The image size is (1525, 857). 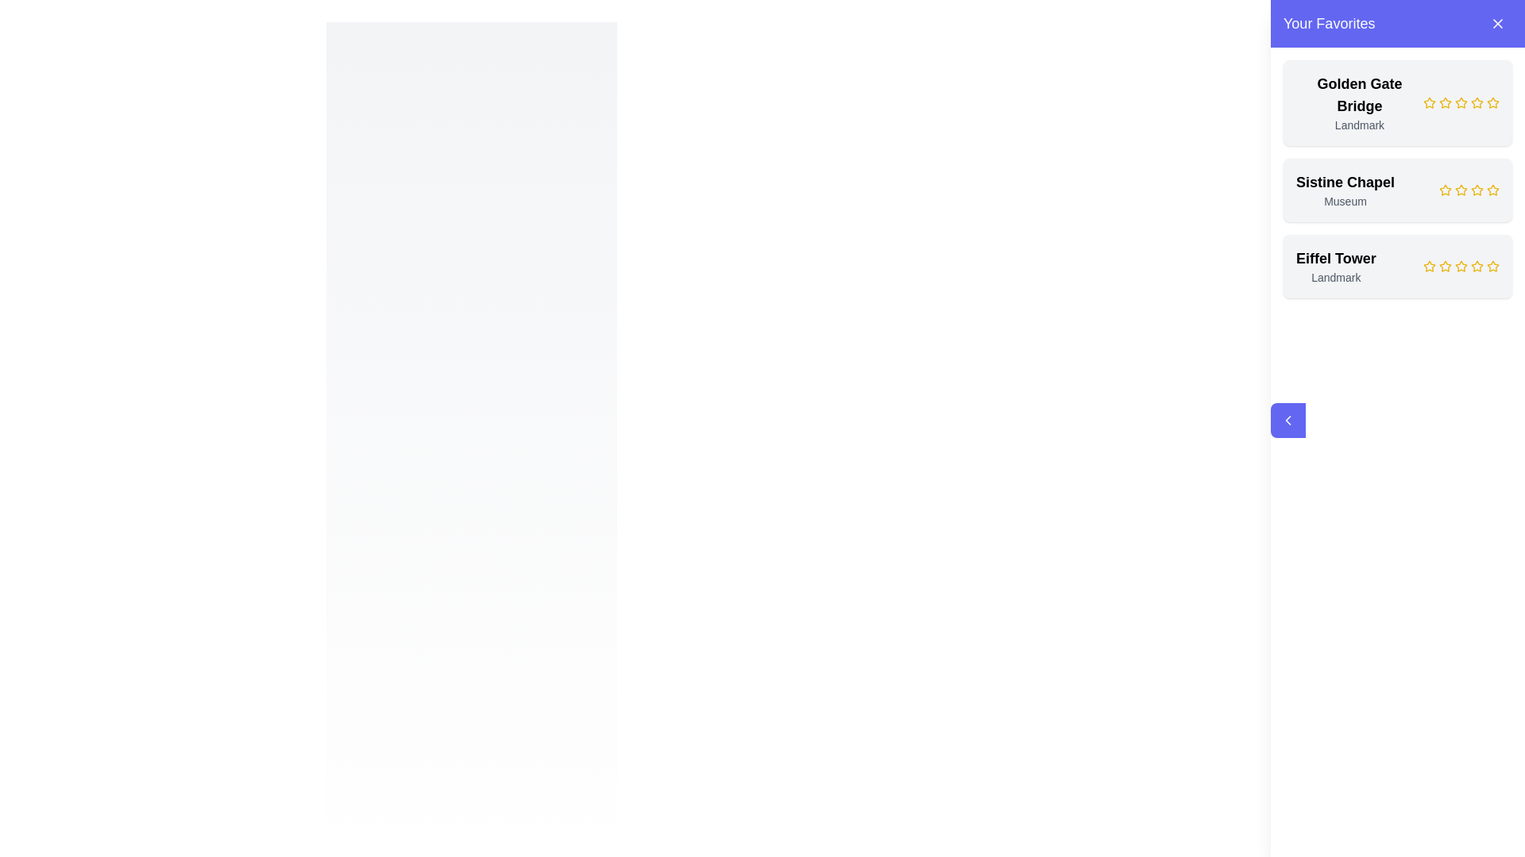 I want to click on the first interactive star-shaped icon with a yellow outline, so click(x=1430, y=265).